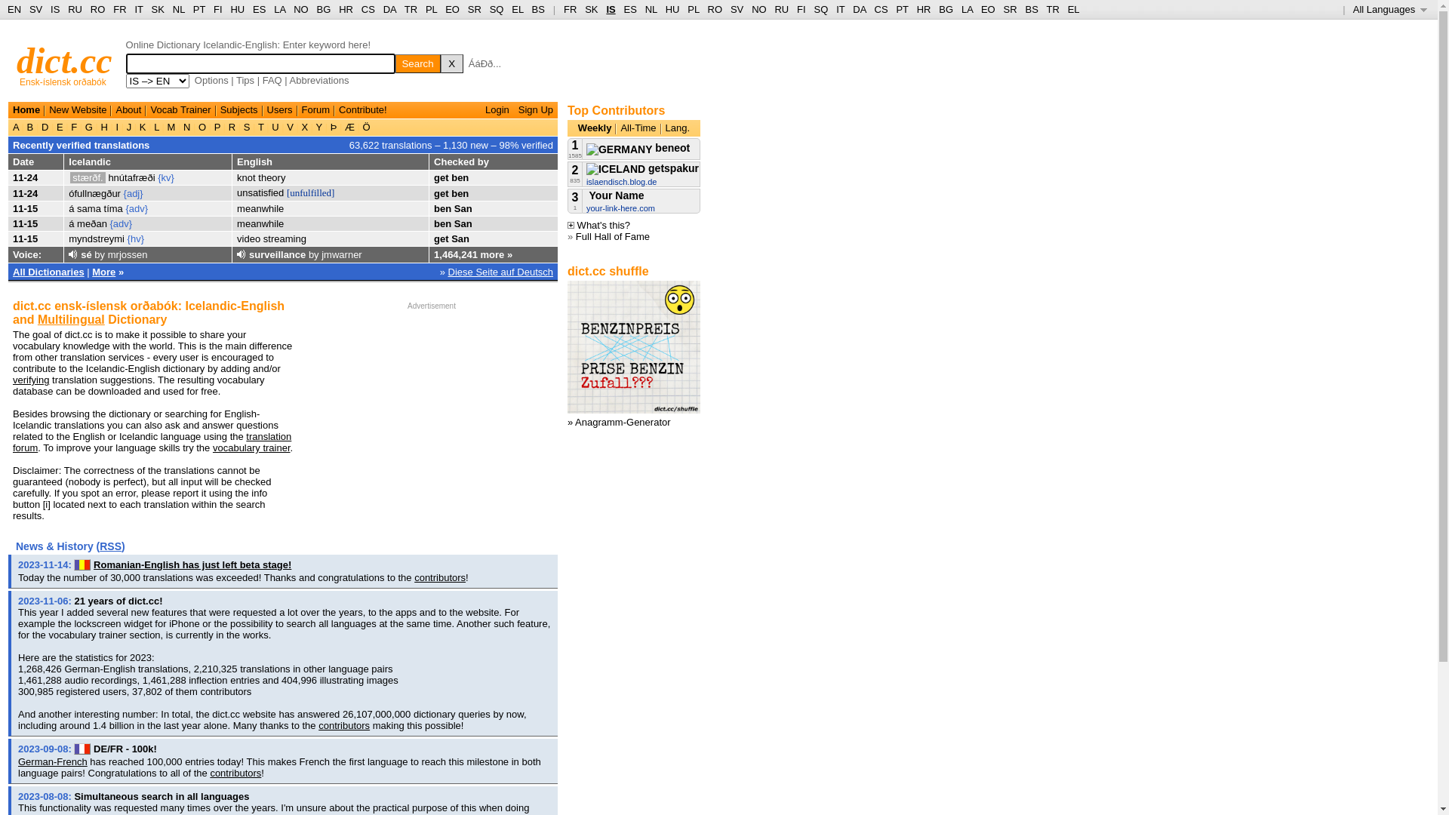  What do you see at coordinates (25, 208) in the screenshot?
I see `'11-15'` at bounding box center [25, 208].